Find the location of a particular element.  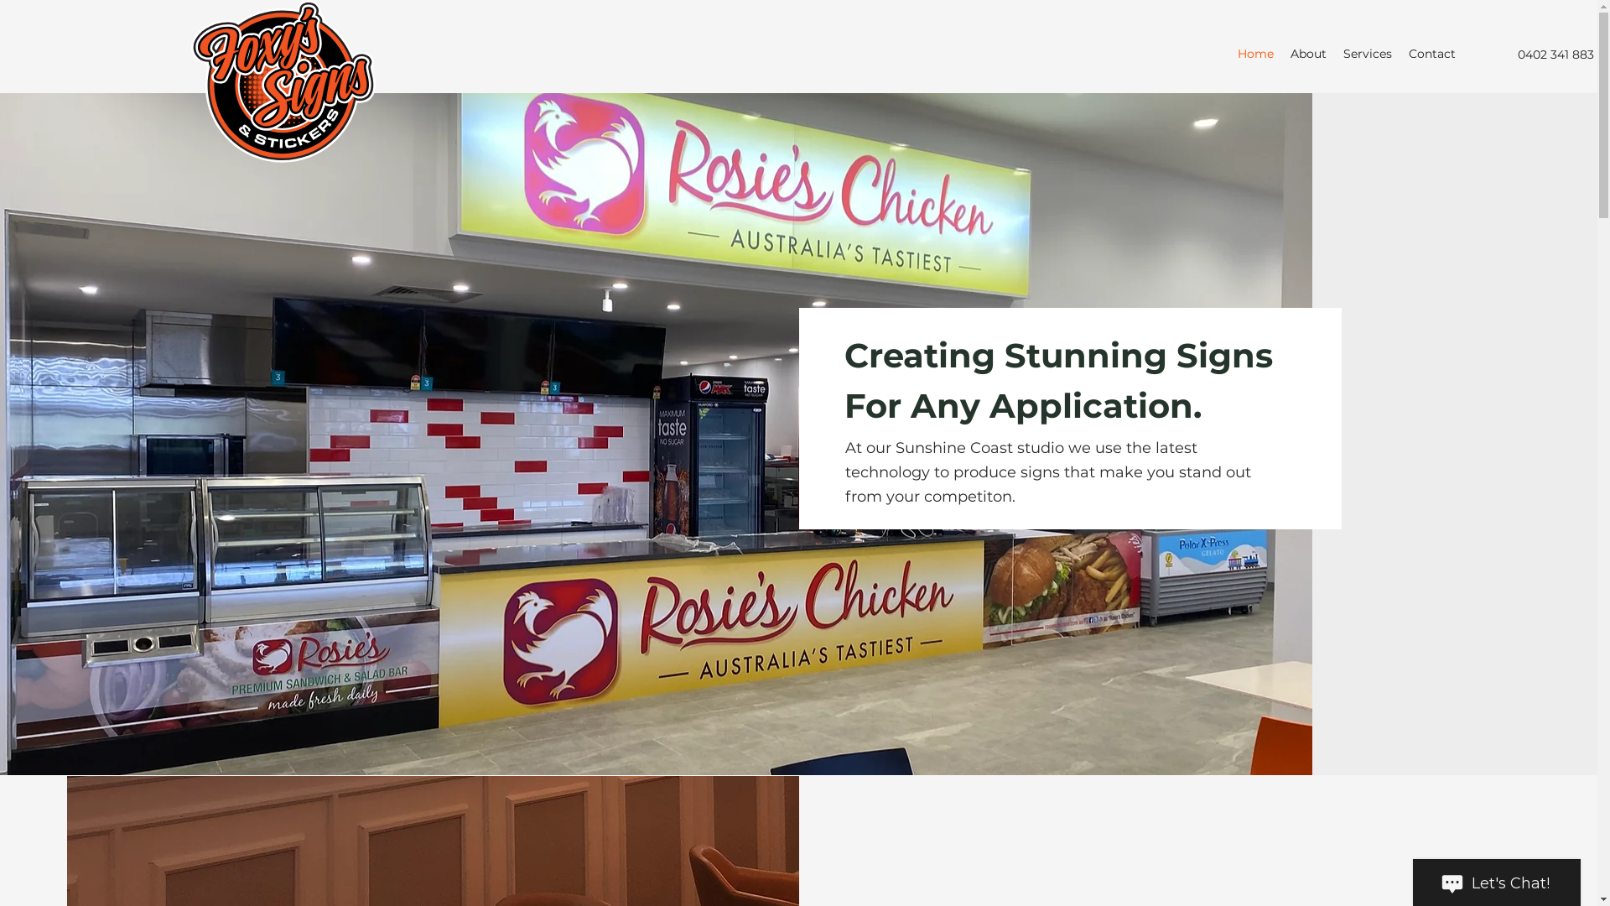

'Services' is located at coordinates (1368, 53).